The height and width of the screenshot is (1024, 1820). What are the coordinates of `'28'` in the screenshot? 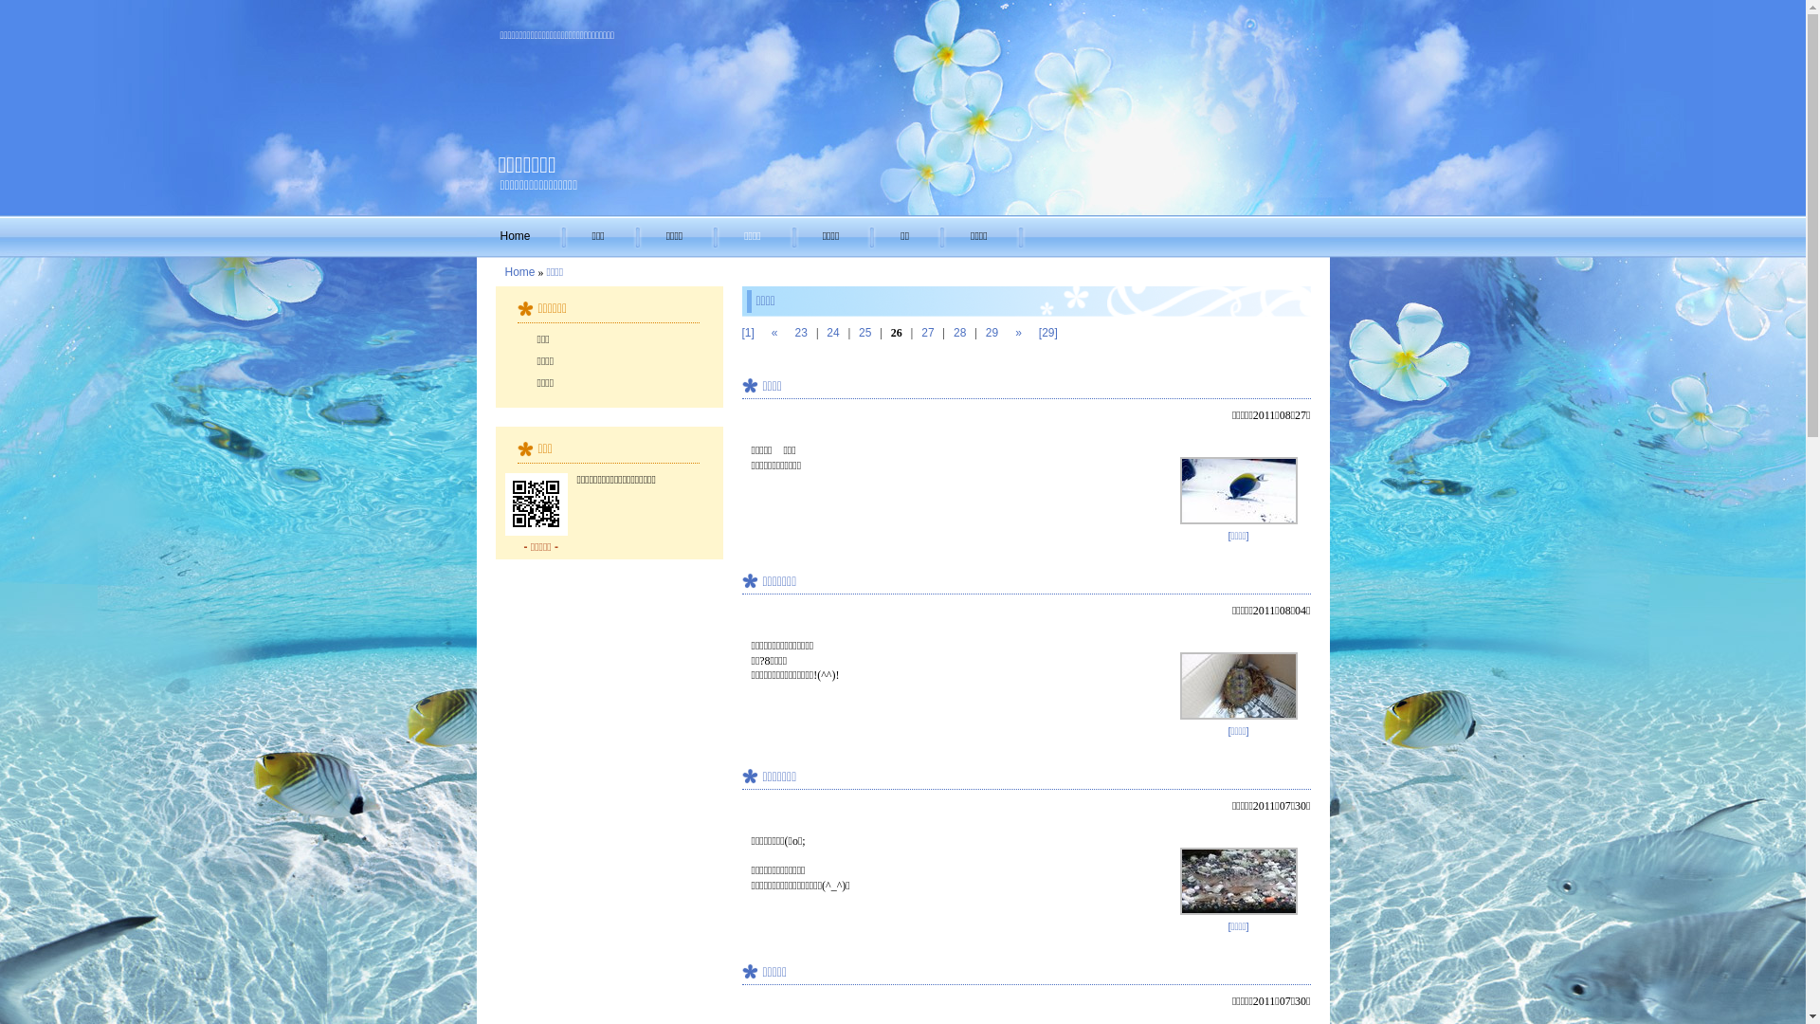 It's located at (959, 332).